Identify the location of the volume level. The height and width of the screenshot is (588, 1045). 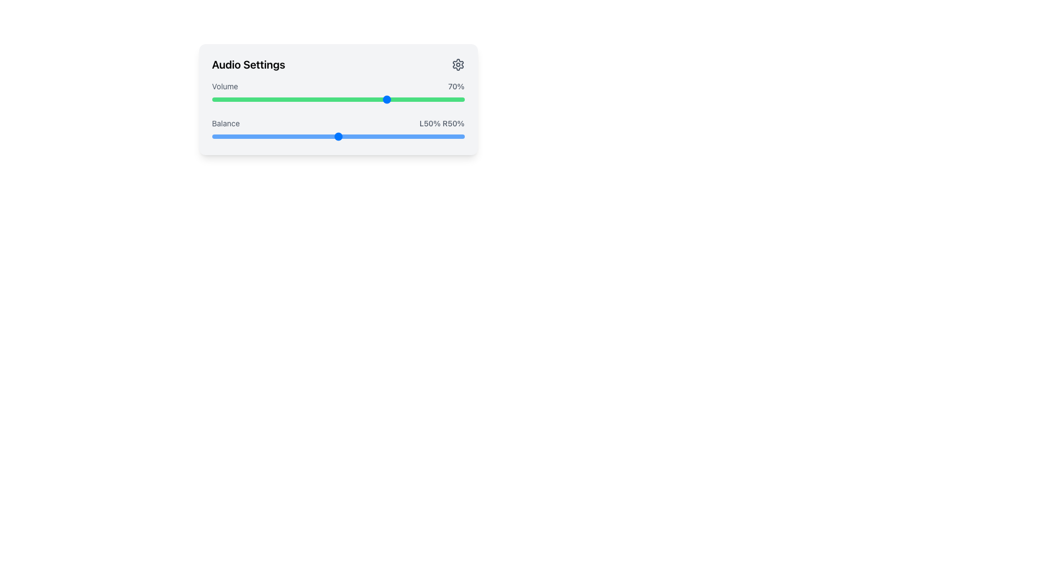
(358, 99).